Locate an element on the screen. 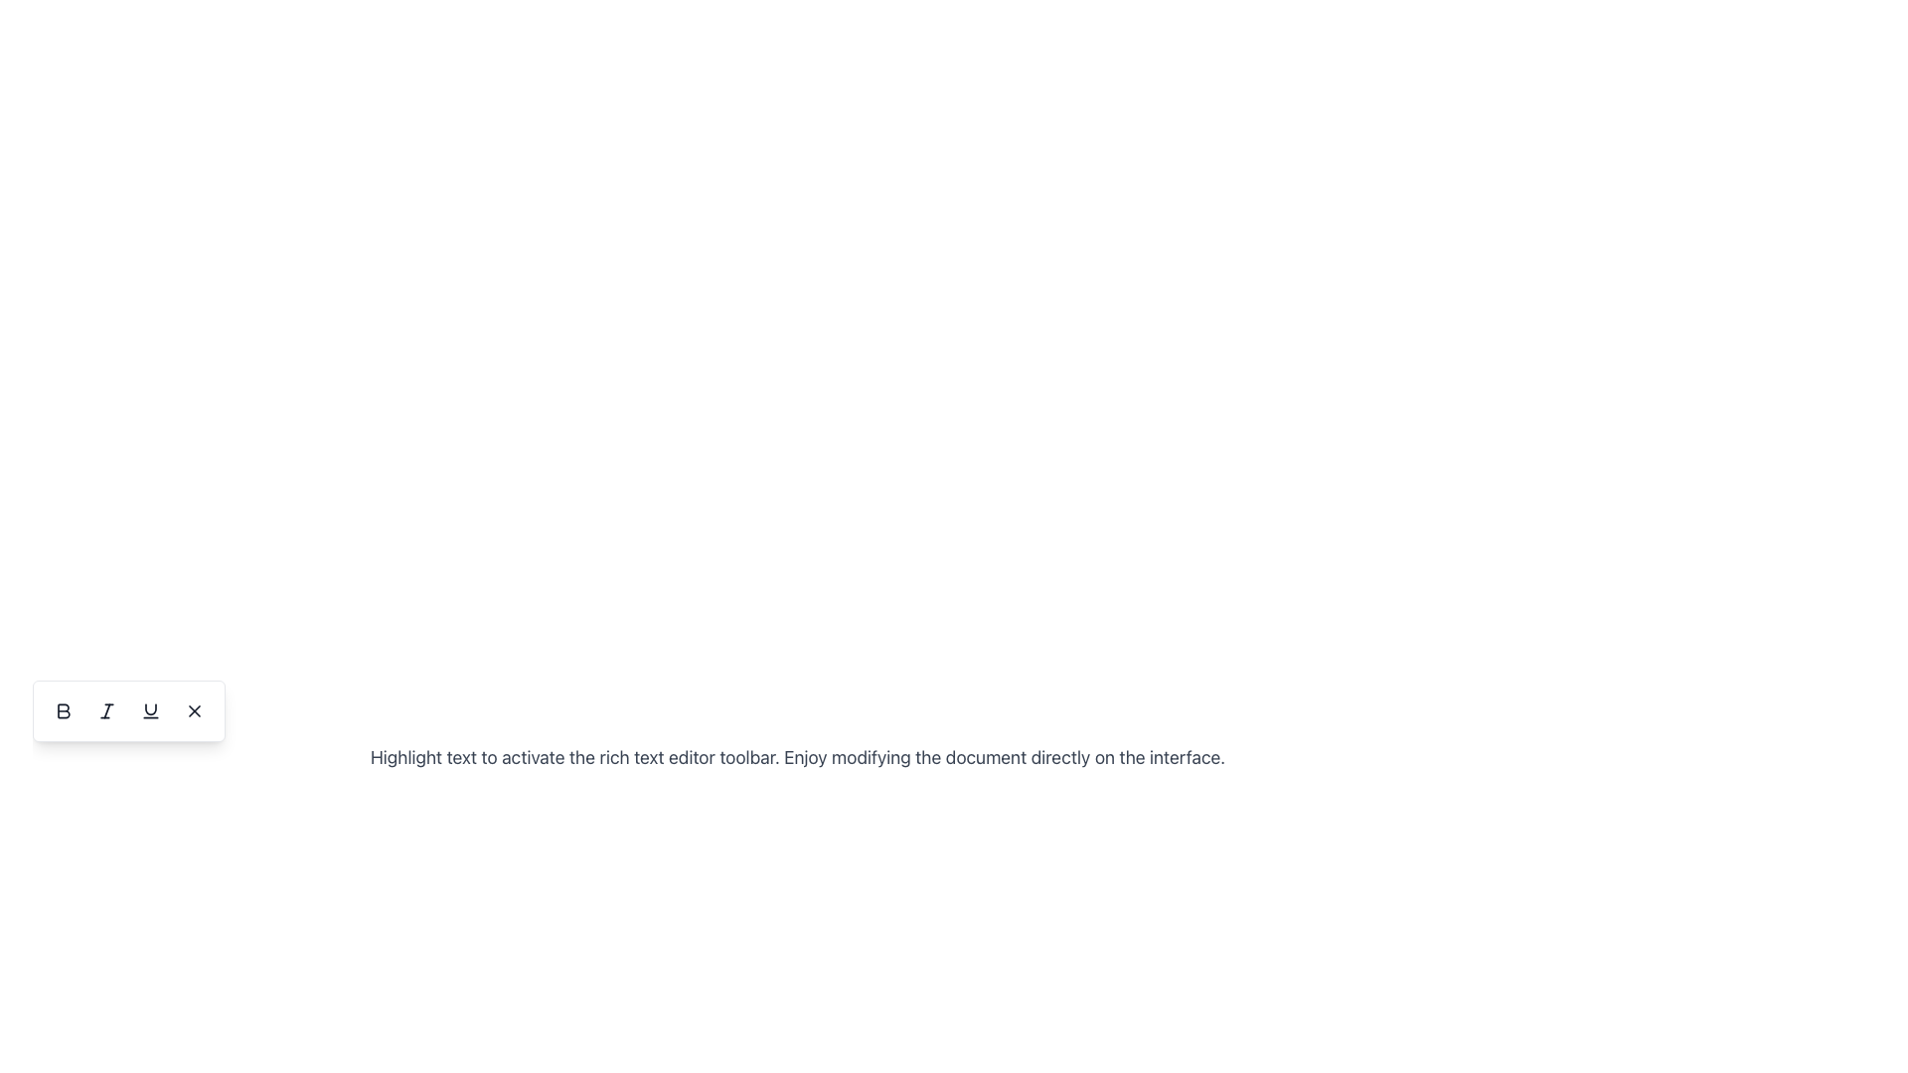 The image size is (1908, 1073). the upper component of the underline formatting icon located in the bottom-left corner of the interface is located at coordinates (150, 707).